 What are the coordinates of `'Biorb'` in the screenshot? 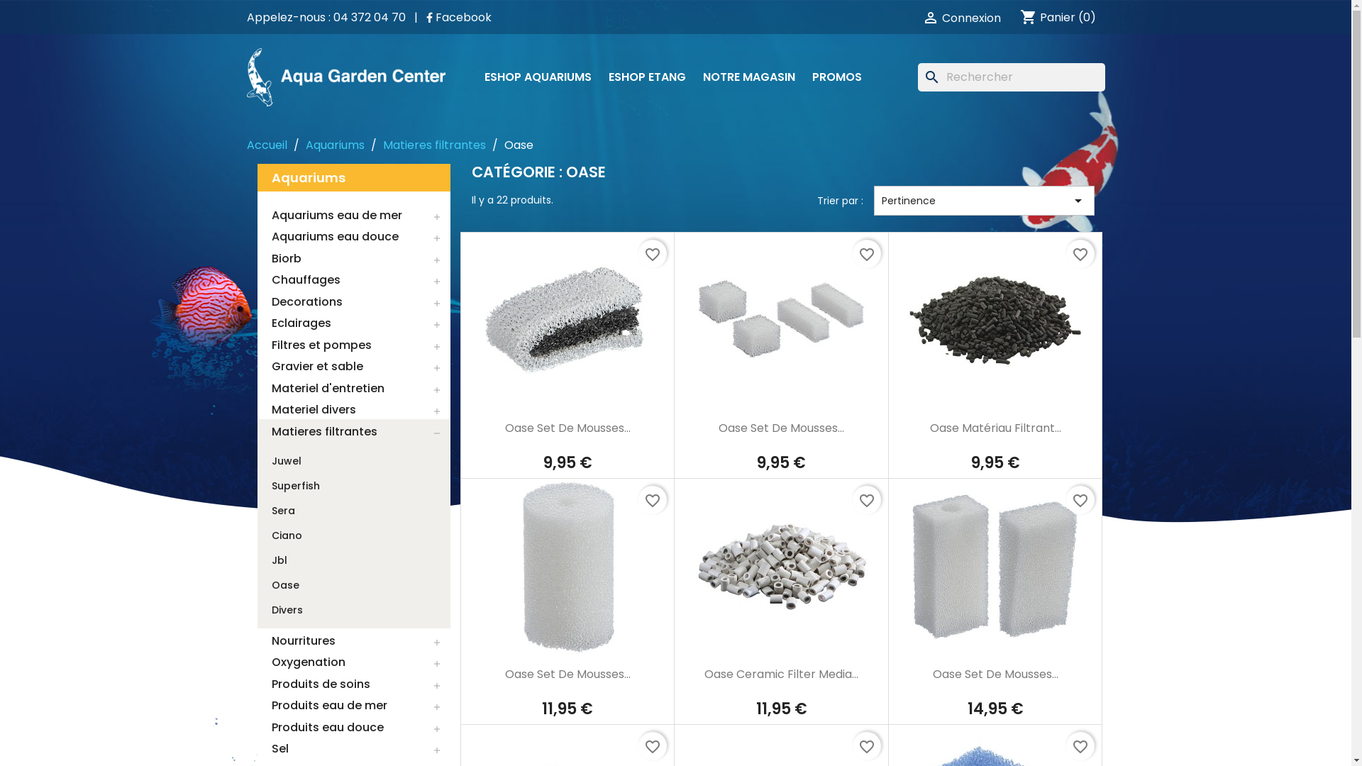 It's located at (353, 259).